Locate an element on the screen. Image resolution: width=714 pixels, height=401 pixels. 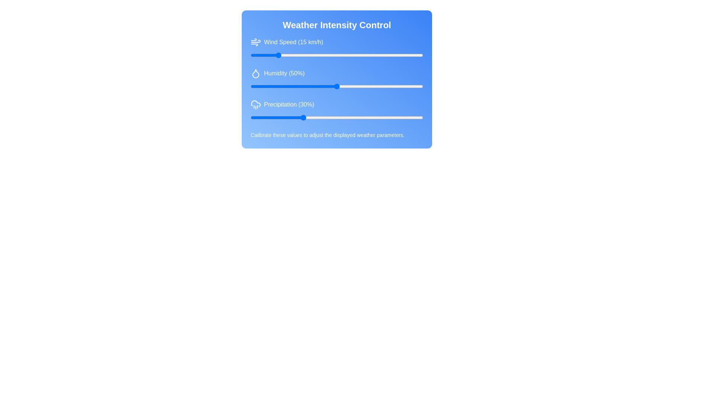
text label displaying 'Precipitation (30%)' located to the right of the precipitation icon and above the corresponding slider in the weather control interface is located at coordinates (289, 104).